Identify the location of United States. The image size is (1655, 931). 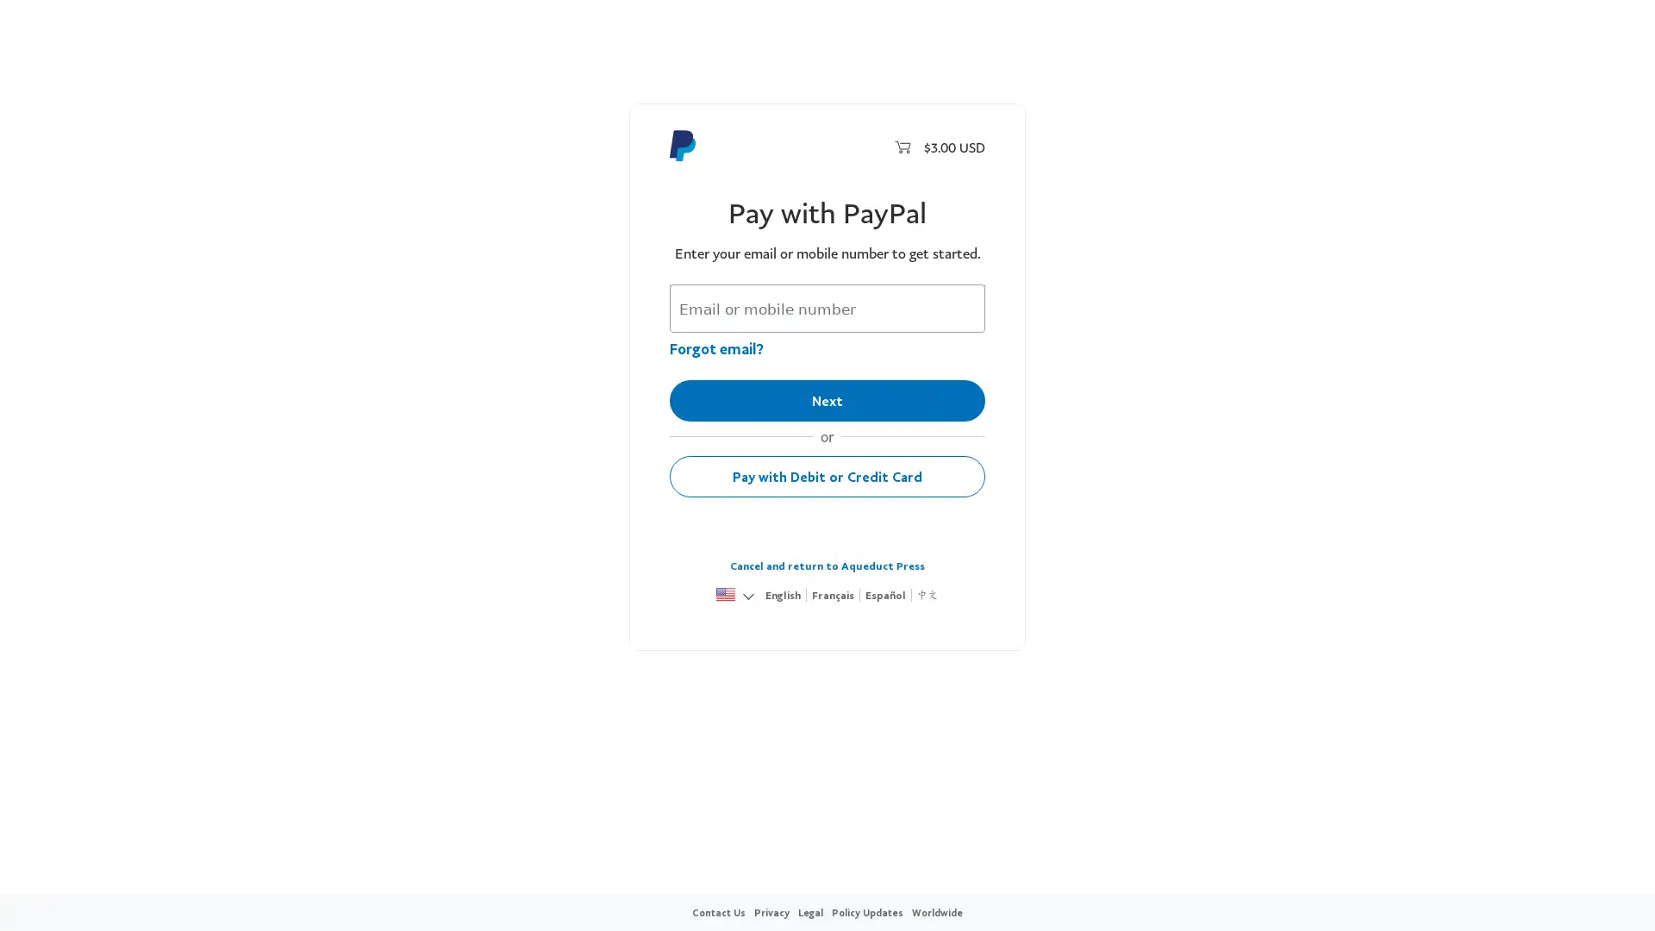
(725, 595).